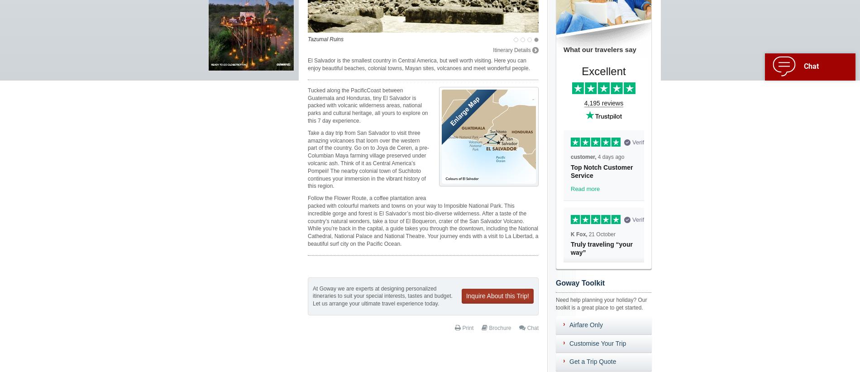  Describe the element at coordinates (467, 328) in the screenshot. I see `'Print'` at that location.